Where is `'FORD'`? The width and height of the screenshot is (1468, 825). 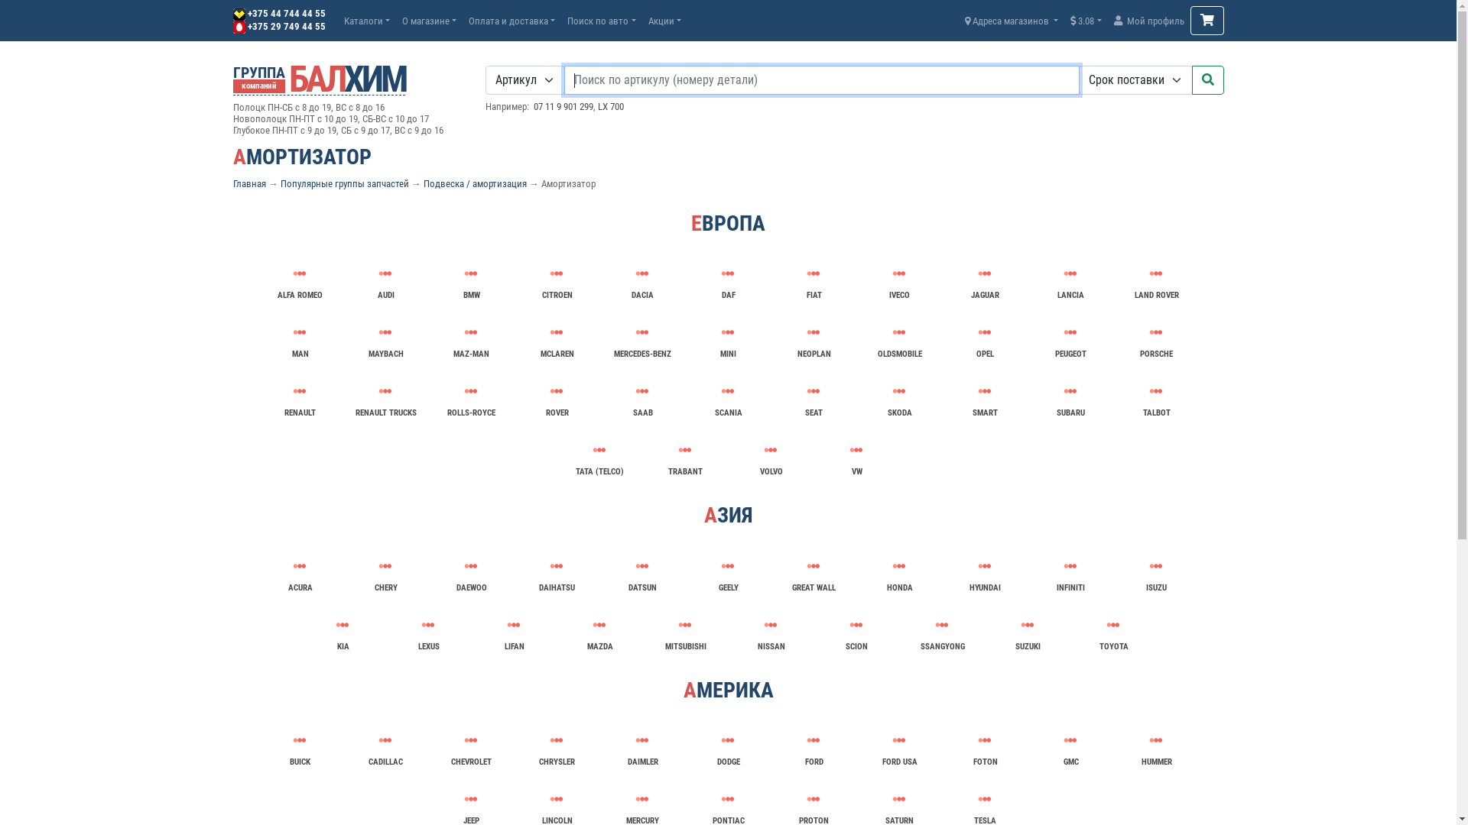
'FORD' is located at coordinates (813, 739).